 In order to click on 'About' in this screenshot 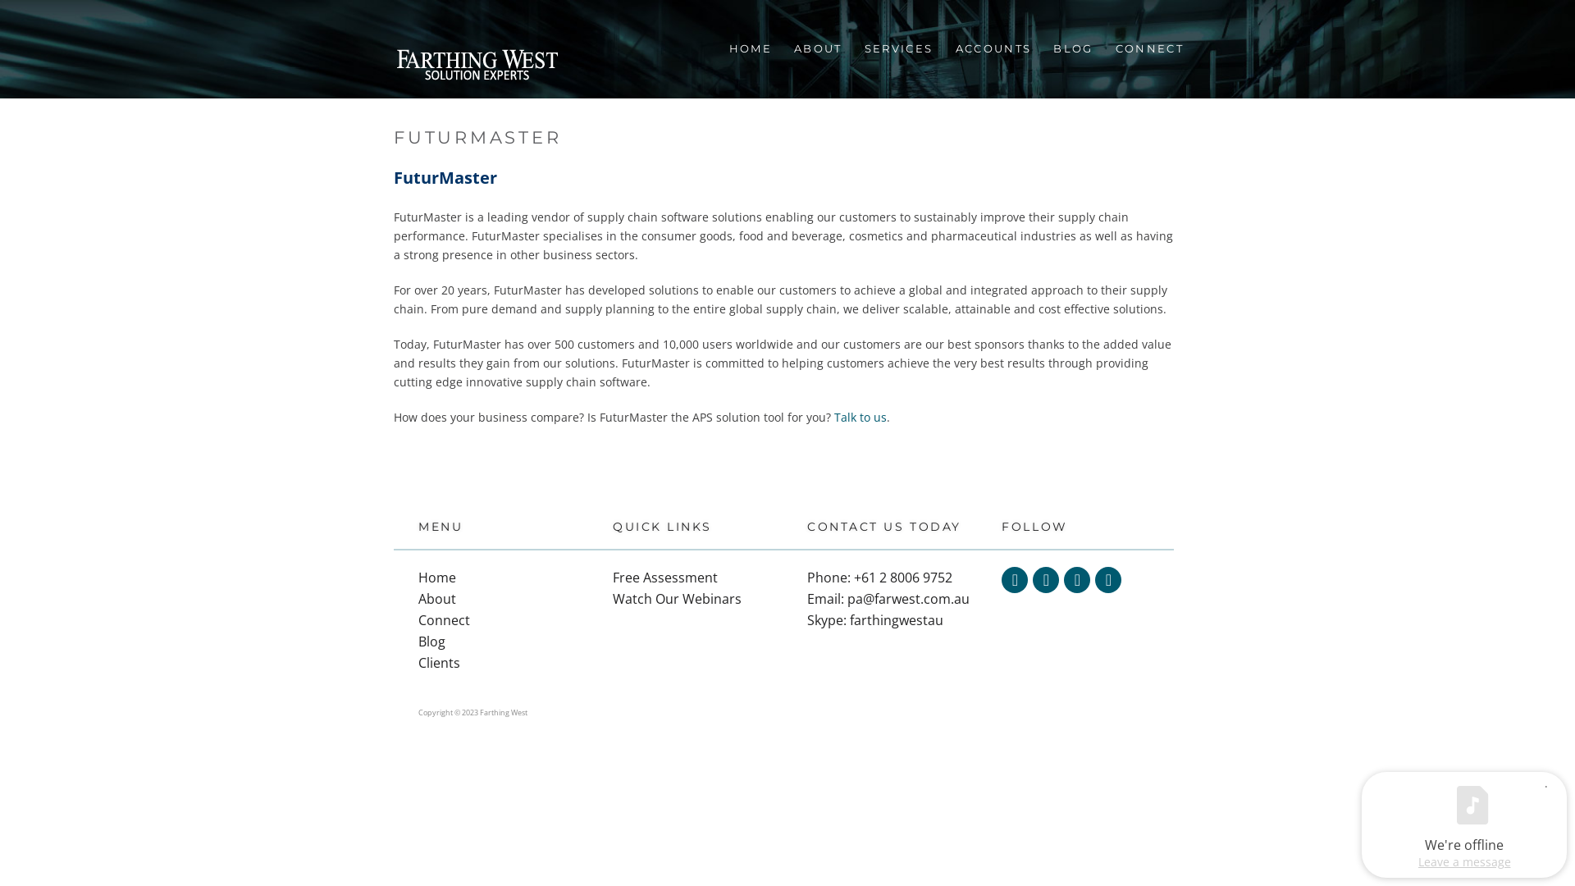, I will do `click(436, 598)`.